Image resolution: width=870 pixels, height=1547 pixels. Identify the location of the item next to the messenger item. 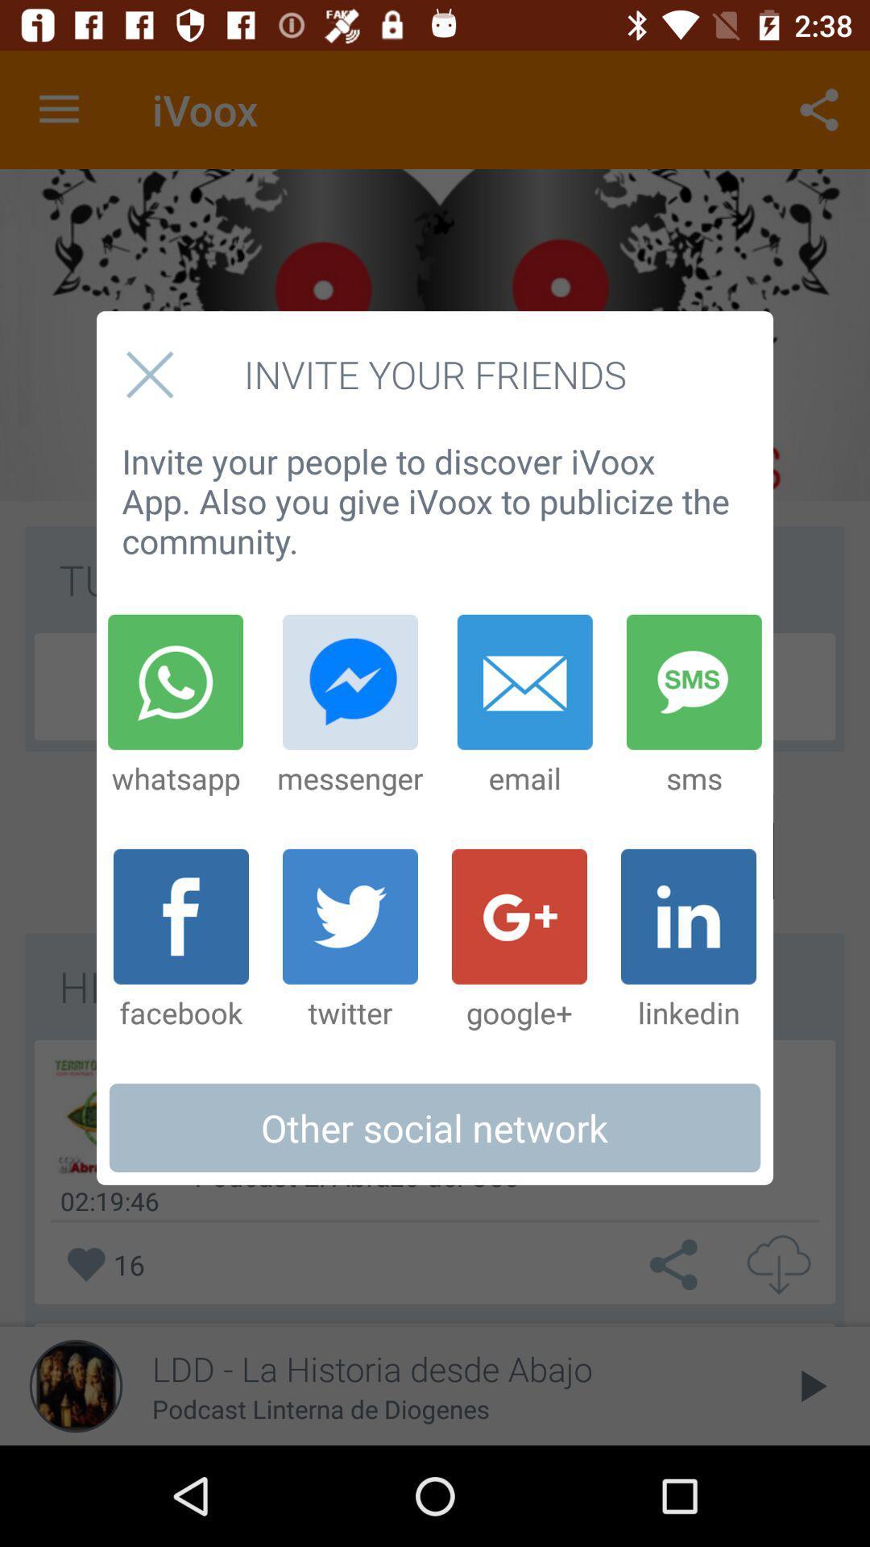
(524, 706).